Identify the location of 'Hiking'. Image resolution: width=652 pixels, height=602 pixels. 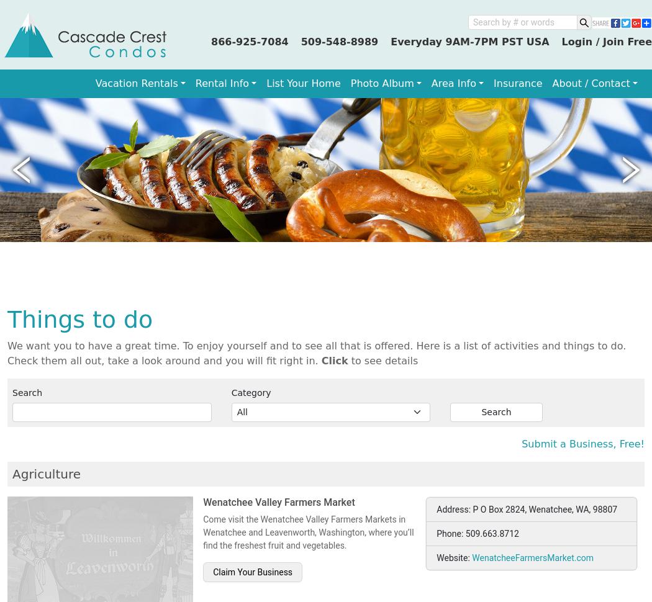
(31, 294).